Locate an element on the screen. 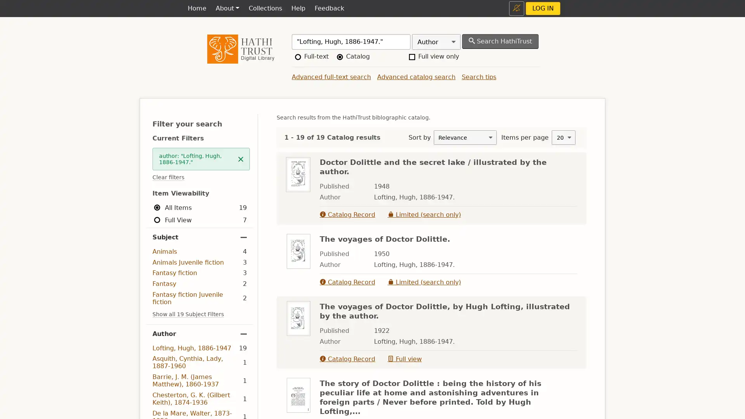 This screenshot has width=745, height=419. Fantasy - 2 is located at coordinates (199, 284).